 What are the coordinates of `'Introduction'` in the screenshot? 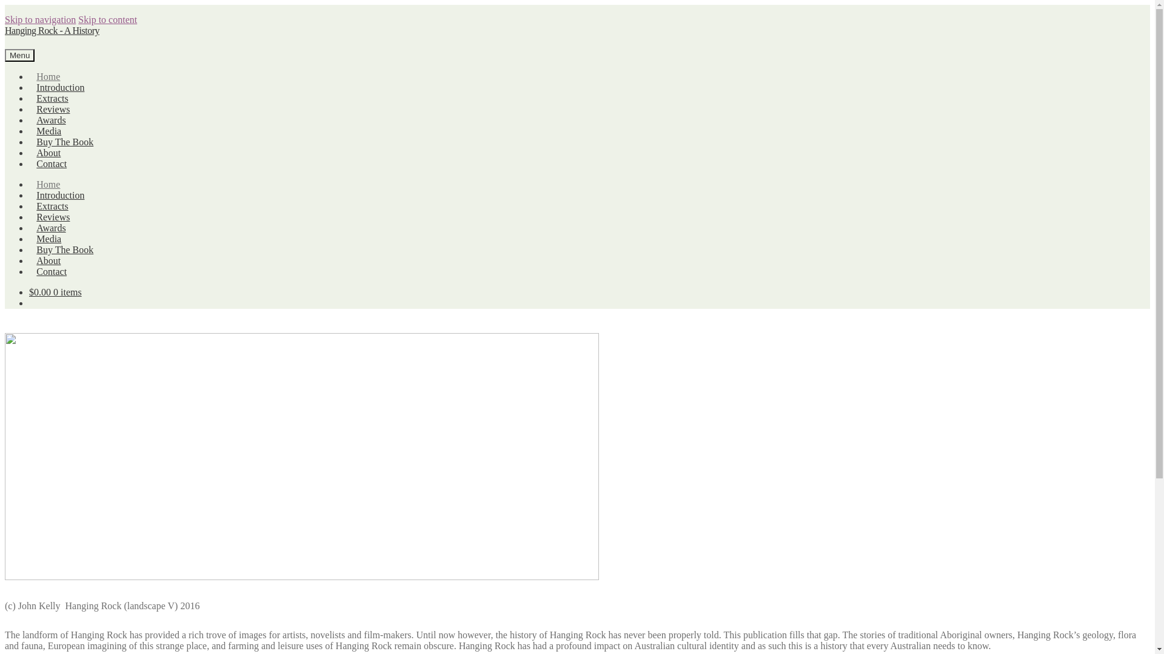 It's located at (60, 87).